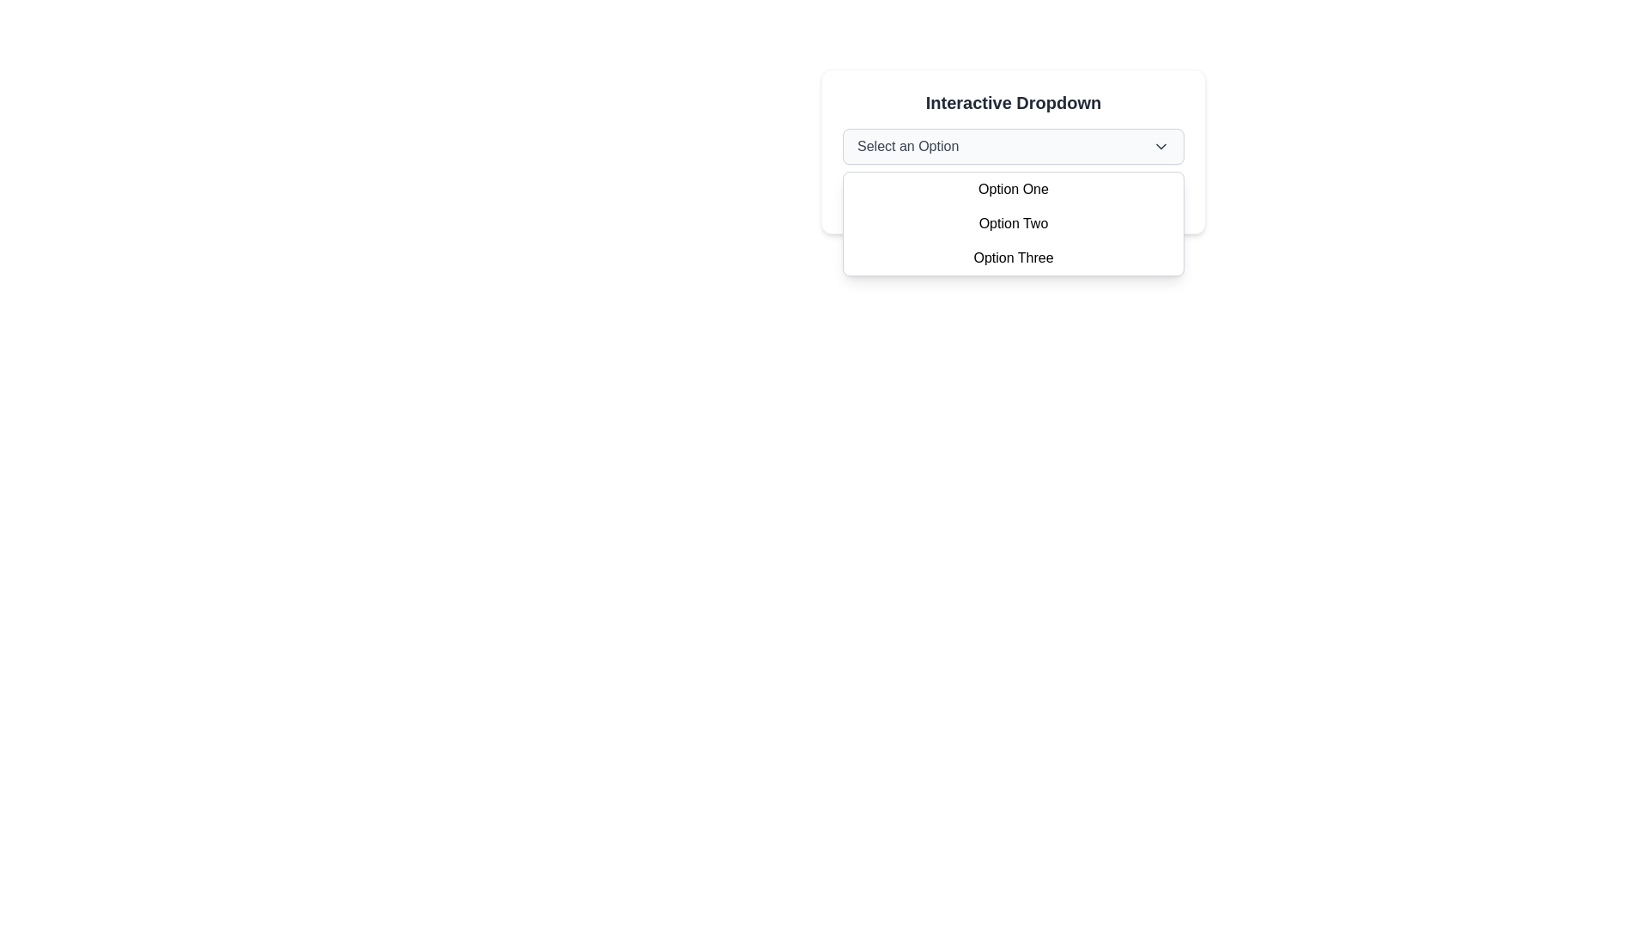 The height and width of the screenshot is (927, 1648). Describe the element at coordinates (1013, 223) in the screenshot. I see `the second item in the dropdown menu, which displays 'Option Two' in bold dark font` at that location.